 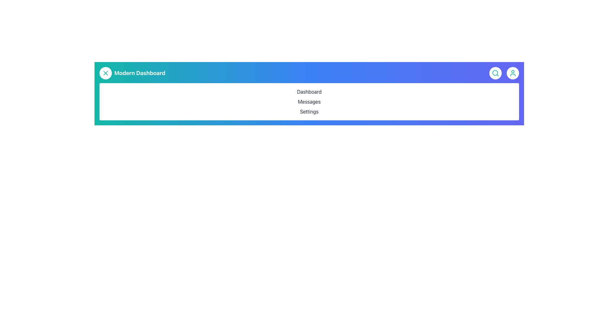 I want to click on the 'Dashboard' text label, which is the first item in a vertical list containing 'Messages' and 'Settings', located in the middle-top area of the page, so click(x=309, y=92).